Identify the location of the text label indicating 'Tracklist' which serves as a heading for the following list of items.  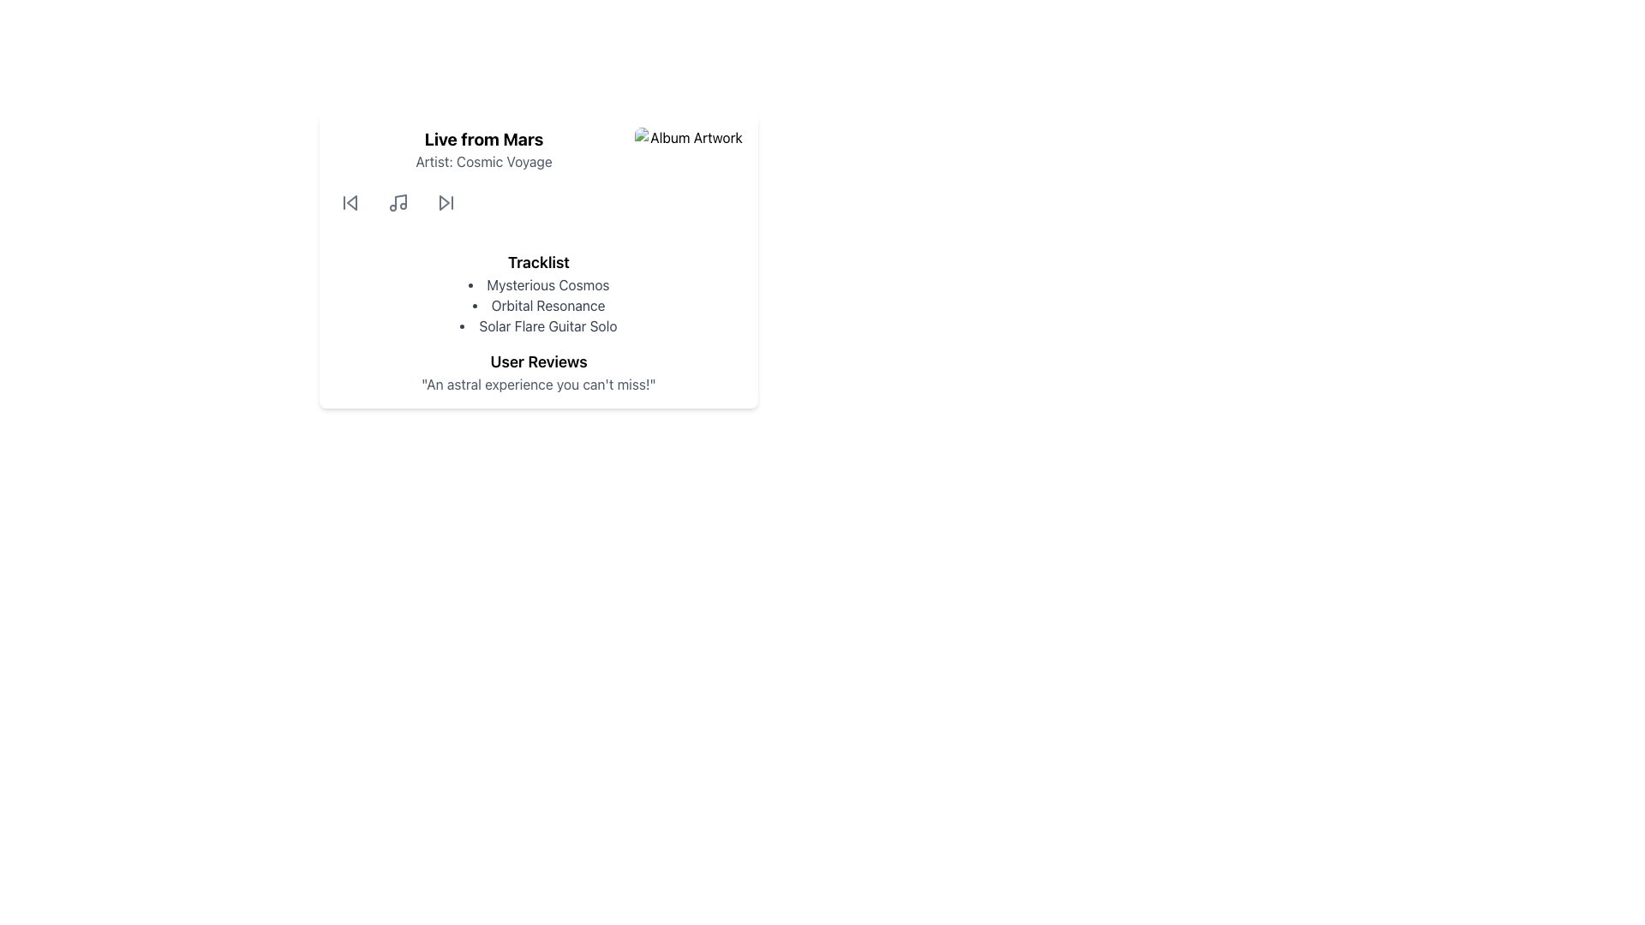
(537, 263).